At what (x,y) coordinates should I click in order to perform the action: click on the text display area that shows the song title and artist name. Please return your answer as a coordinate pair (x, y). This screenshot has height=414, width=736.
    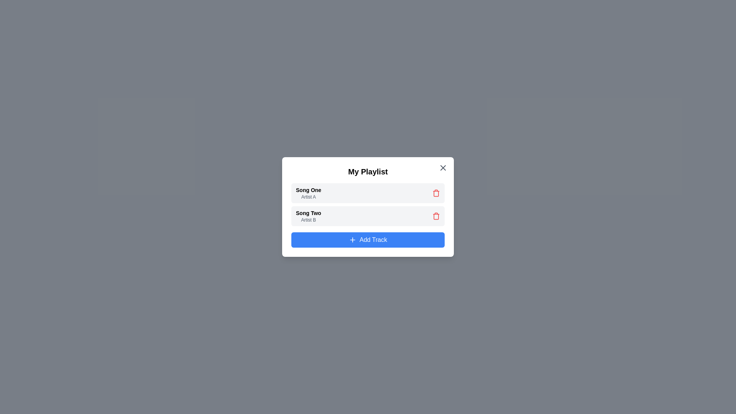
    Looking at the image, I should click on (308, 216).